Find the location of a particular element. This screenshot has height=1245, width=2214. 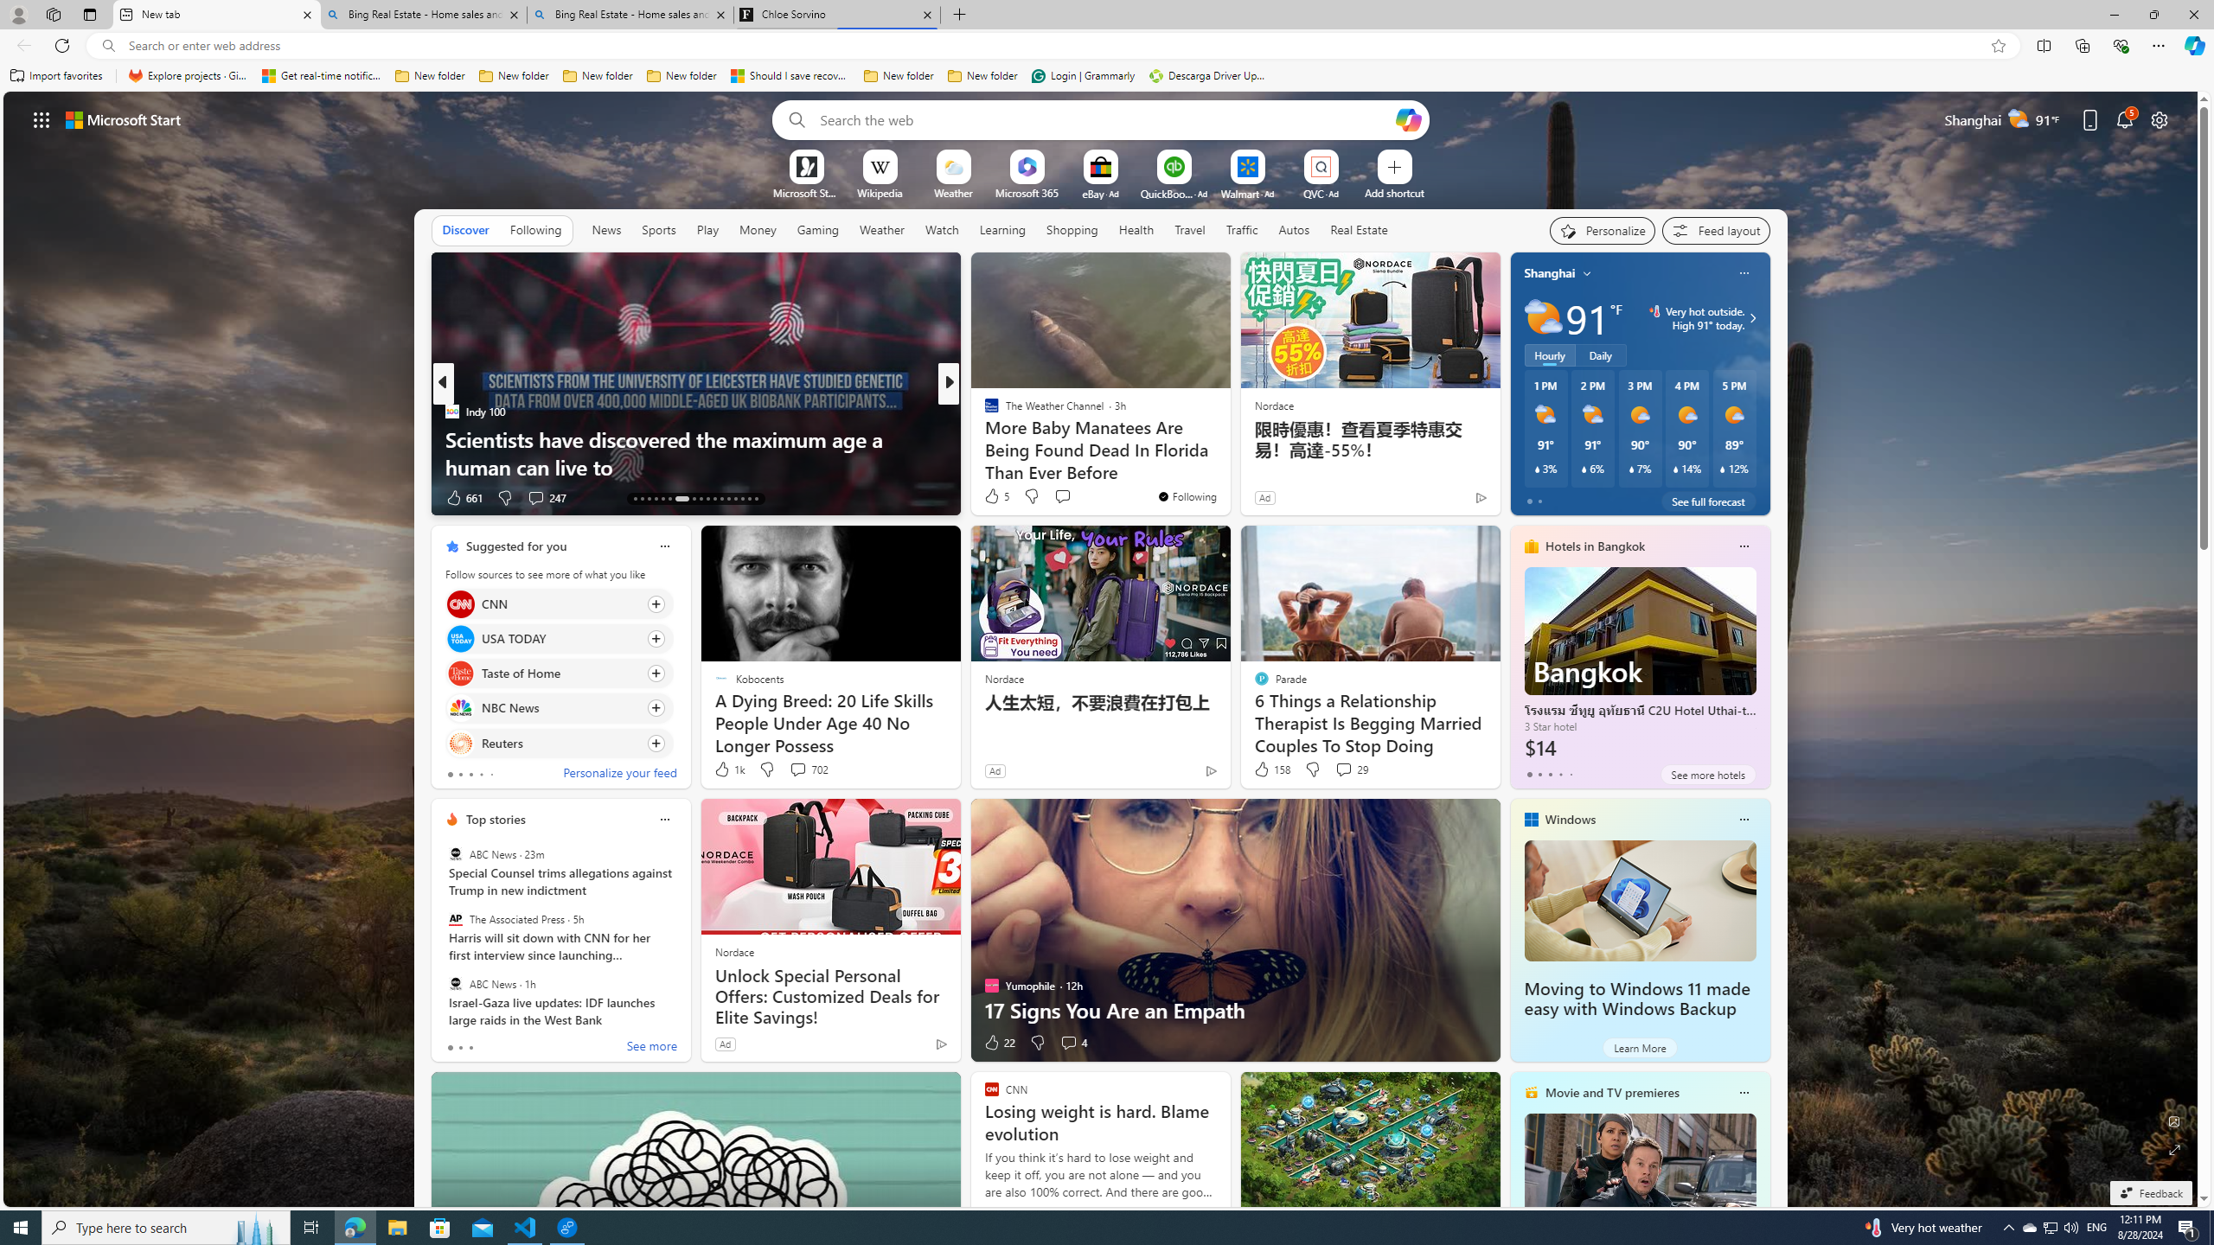

'Click to follow source NBC News' is located at coordinates (558, 708).